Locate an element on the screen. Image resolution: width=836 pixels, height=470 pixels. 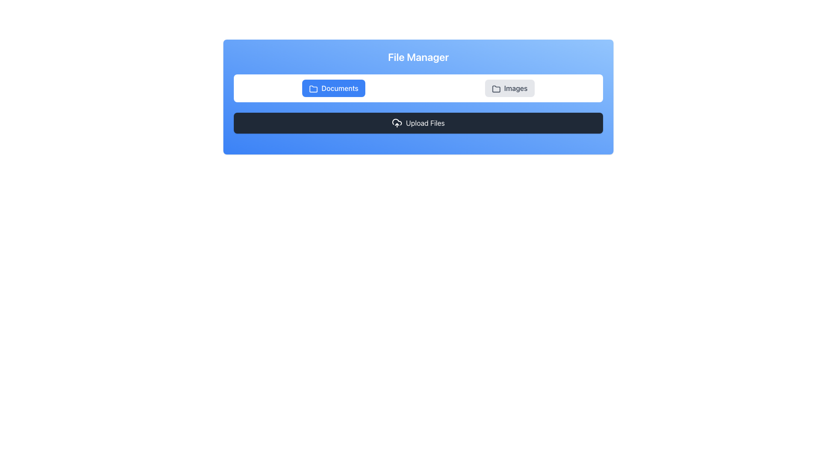
the navigation or selection panel located beneath the 'File Manager' title and above the 'Upload Files' button, which allows users to choose between options like 'Documents' or 'Images' is located at coordinates (418, 88).